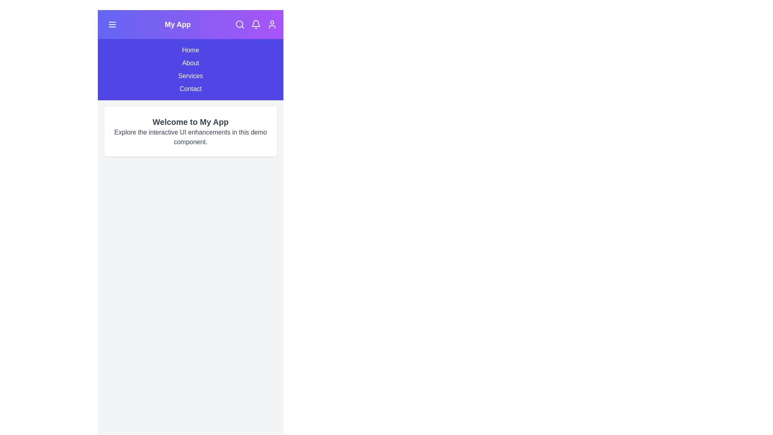  I want to click on the 'User' icon in the top-right corner of the app bar, so click(272, 24).